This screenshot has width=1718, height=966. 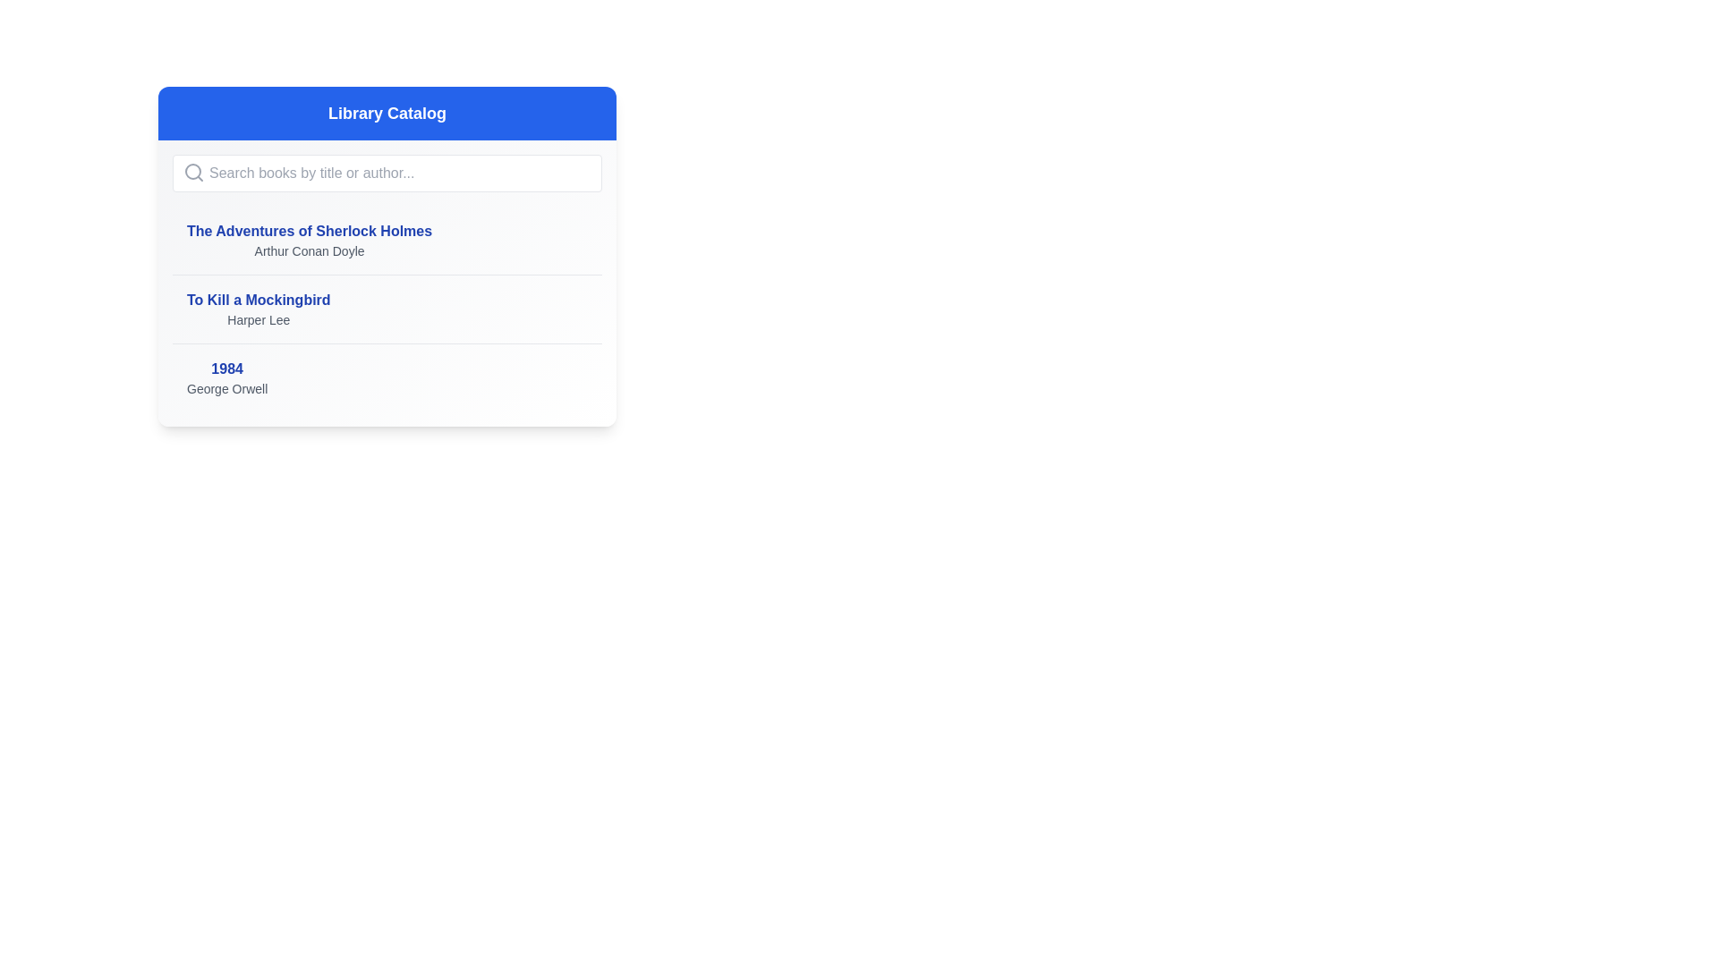 What do you see at coordinates (258, 319) in the screenshot?
I see `the text label displaying 'Harper Lee' which is styled in small gray font and positioned below the book title 'To Kill a Mockingbird' in the central part of the interface` at bounding box center [258, 319].